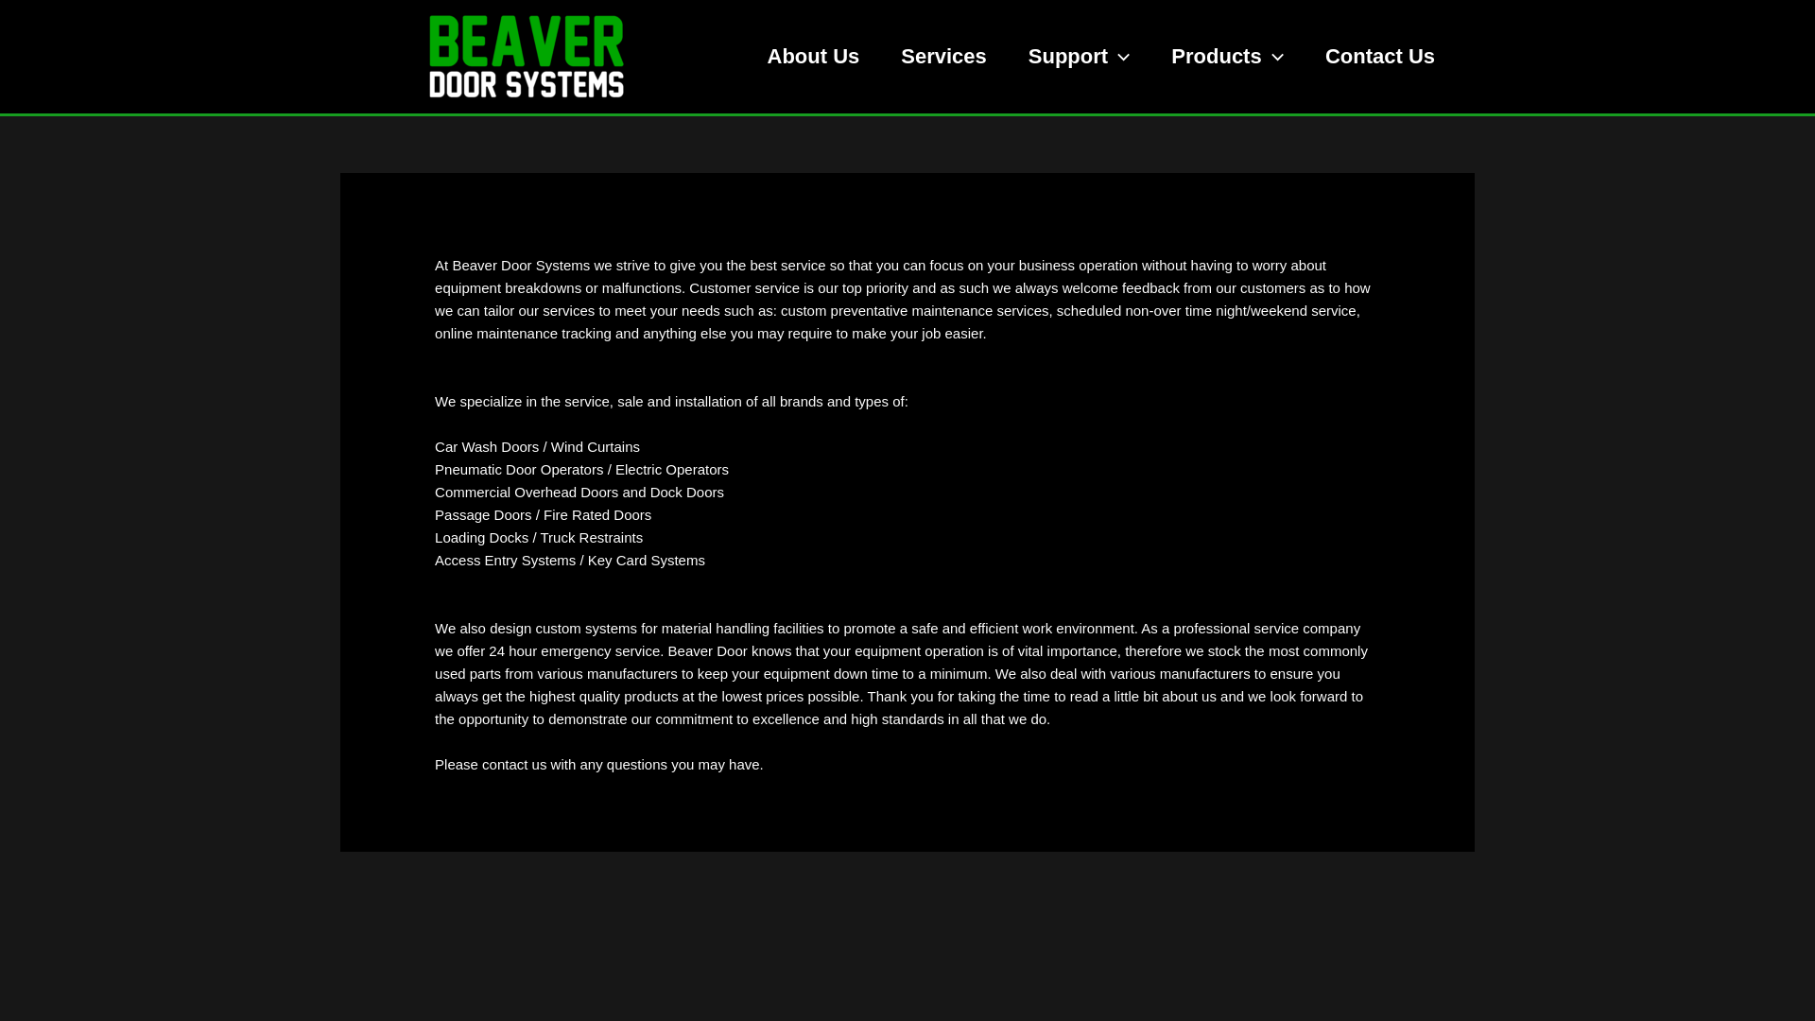 The width and height of the screenshot is (1815, 1021). What do you see at coordinates (1227, 56) in the screenshot?
I see `'Products'` at bounding box center [1227, 56].